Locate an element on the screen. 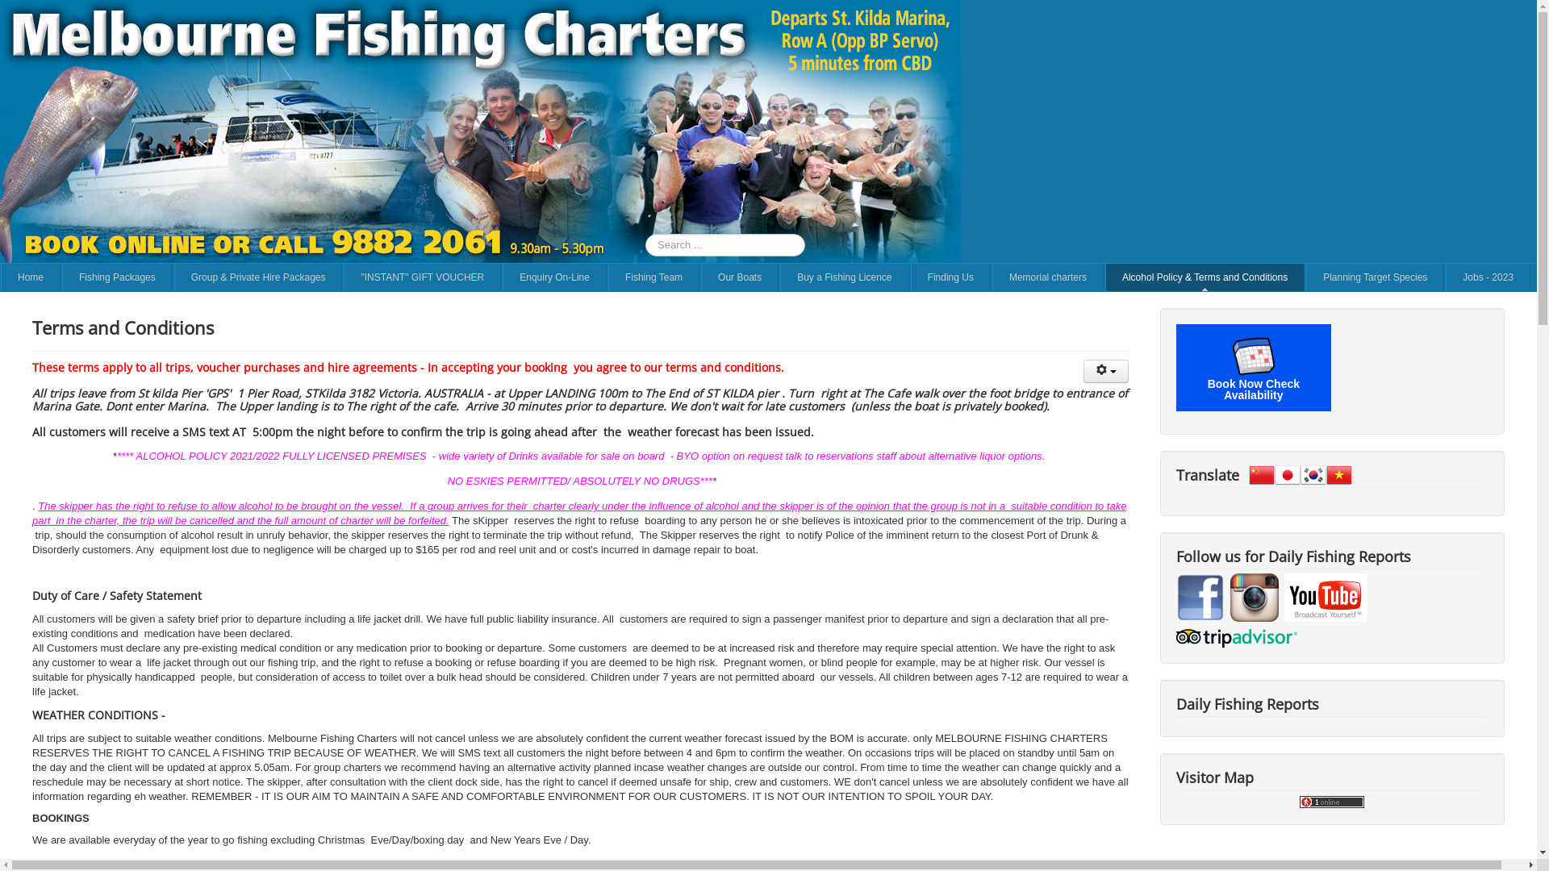  'Fishing Packages' is located at coordinates (116, 276).